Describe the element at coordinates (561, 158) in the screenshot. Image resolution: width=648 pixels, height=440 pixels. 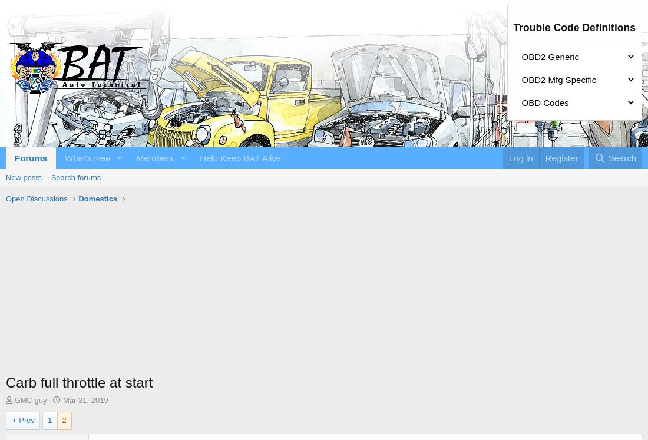
I see `'Register'` at that location.